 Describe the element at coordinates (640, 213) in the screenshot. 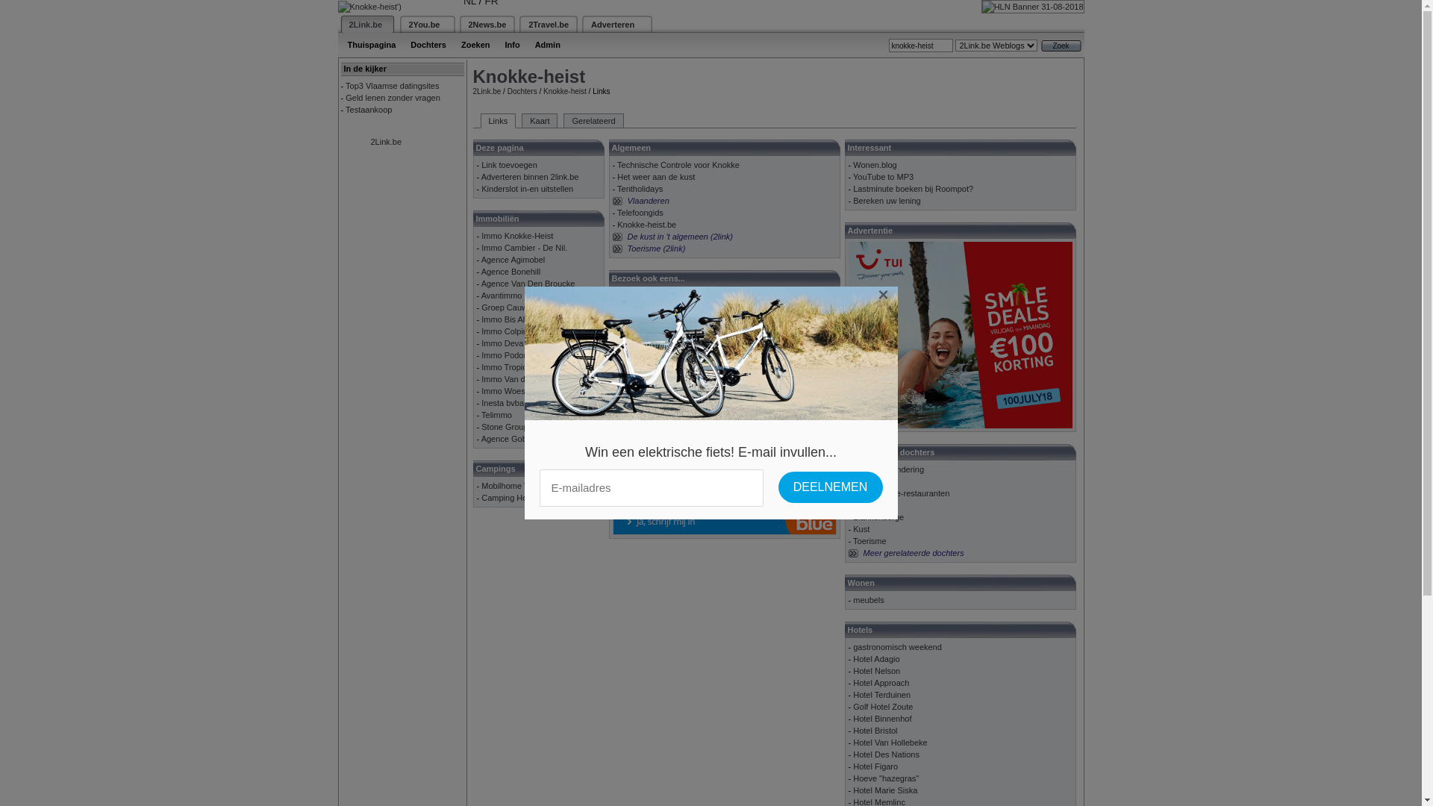

I see `'Telefoongids'` at that location.